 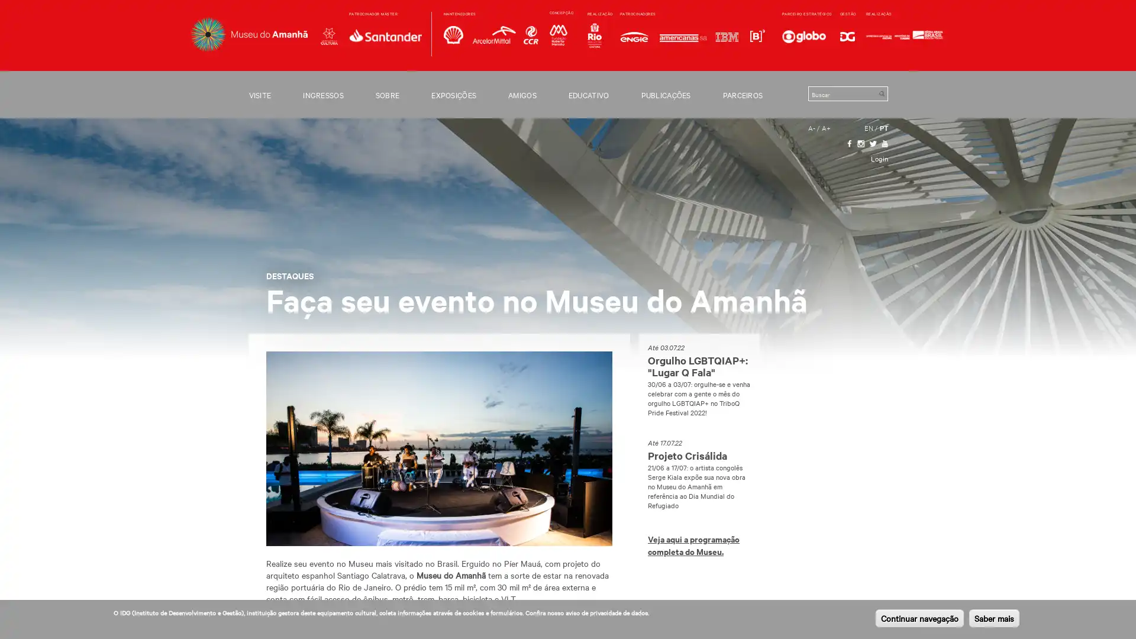 I want to click on Submit, so click(x=881, y=93).